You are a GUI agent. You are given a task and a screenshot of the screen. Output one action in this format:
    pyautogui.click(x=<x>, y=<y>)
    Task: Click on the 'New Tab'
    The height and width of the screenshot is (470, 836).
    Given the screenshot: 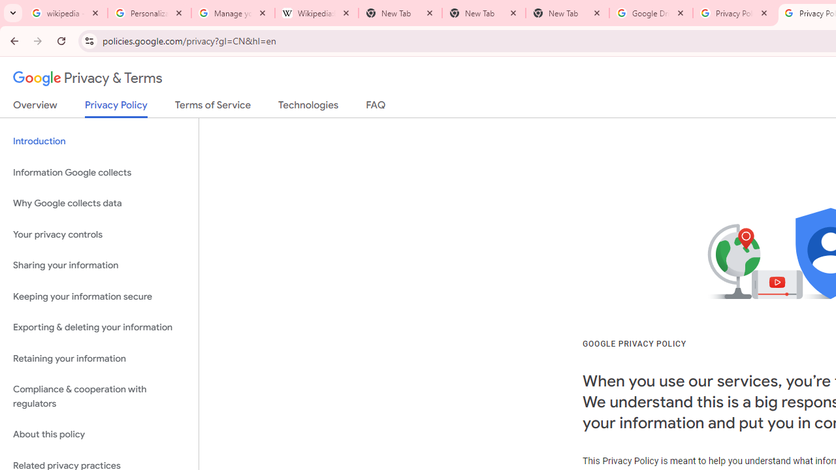 What is the action you would take?
    pyautogui.click(x=568, y=13)
    